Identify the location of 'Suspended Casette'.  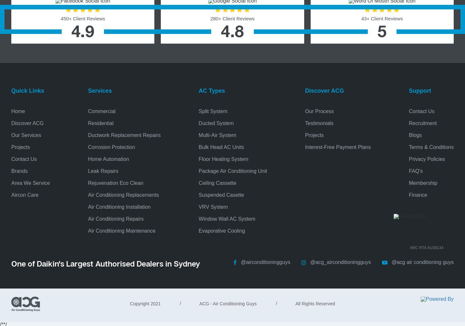
(221, 195).